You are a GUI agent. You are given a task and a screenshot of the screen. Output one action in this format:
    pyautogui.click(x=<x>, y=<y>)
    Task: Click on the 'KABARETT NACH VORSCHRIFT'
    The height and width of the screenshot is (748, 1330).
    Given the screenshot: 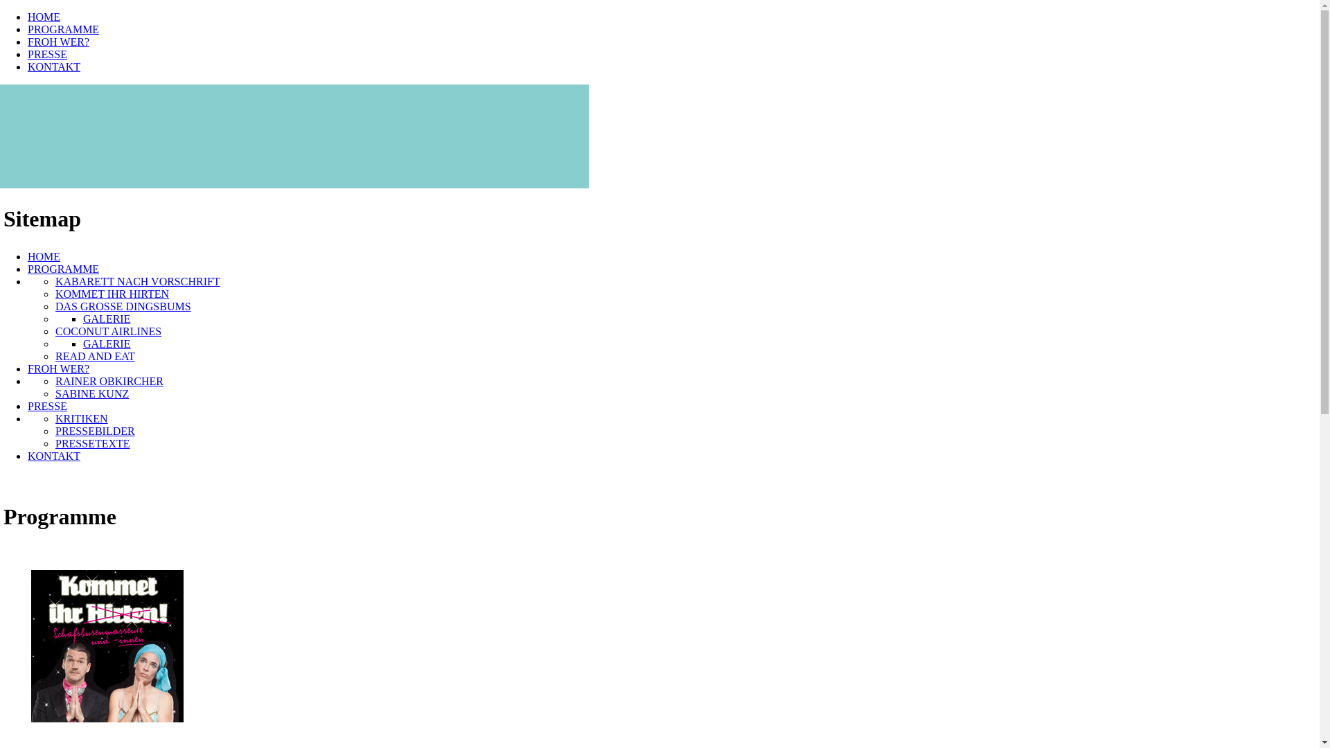 What is the action you would take?
    pyautogui.click(x=137, y=280)
    